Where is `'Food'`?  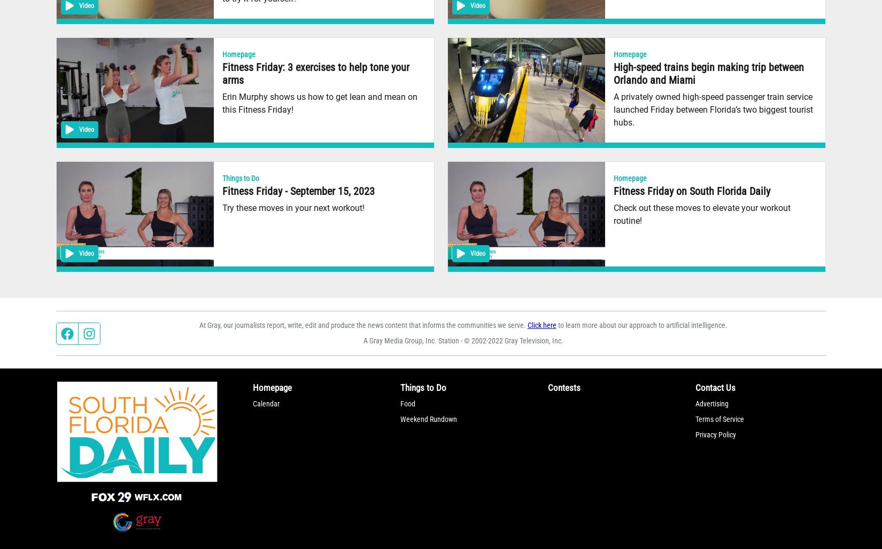 'Food' is located at coordinates (407, 402).